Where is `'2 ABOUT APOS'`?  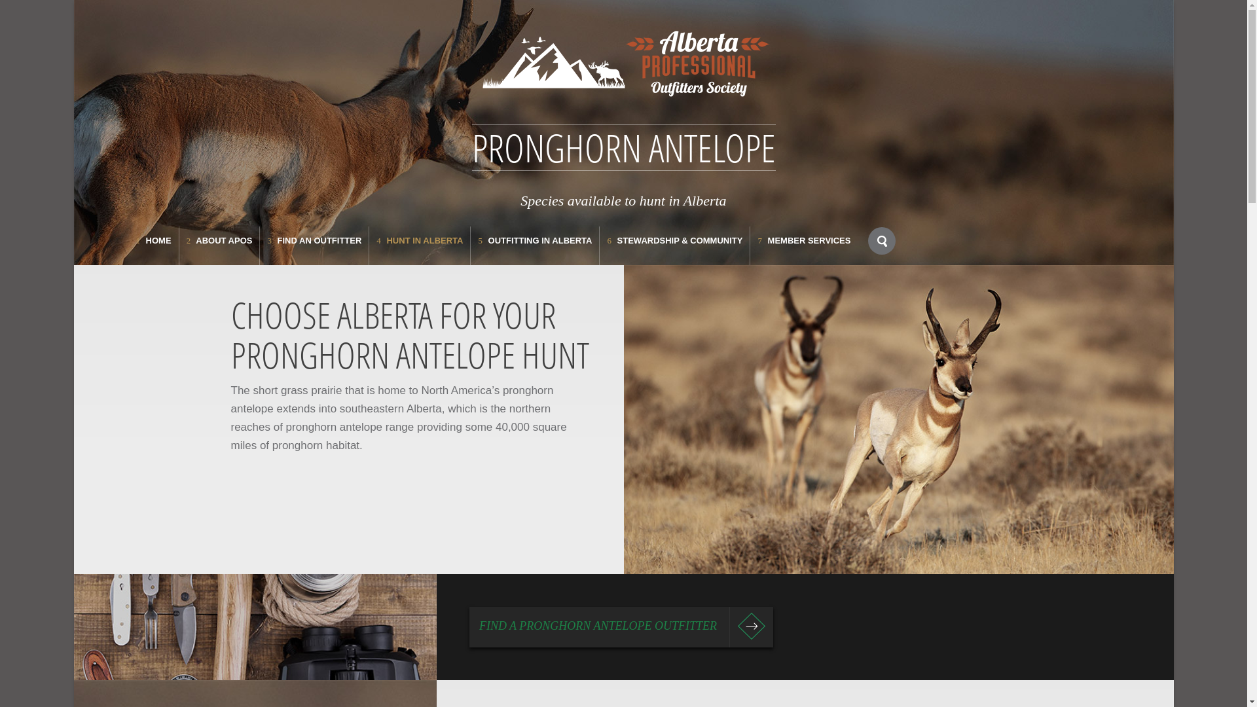
'2 ABOUT APOS' is located at coordinates (219, 245).